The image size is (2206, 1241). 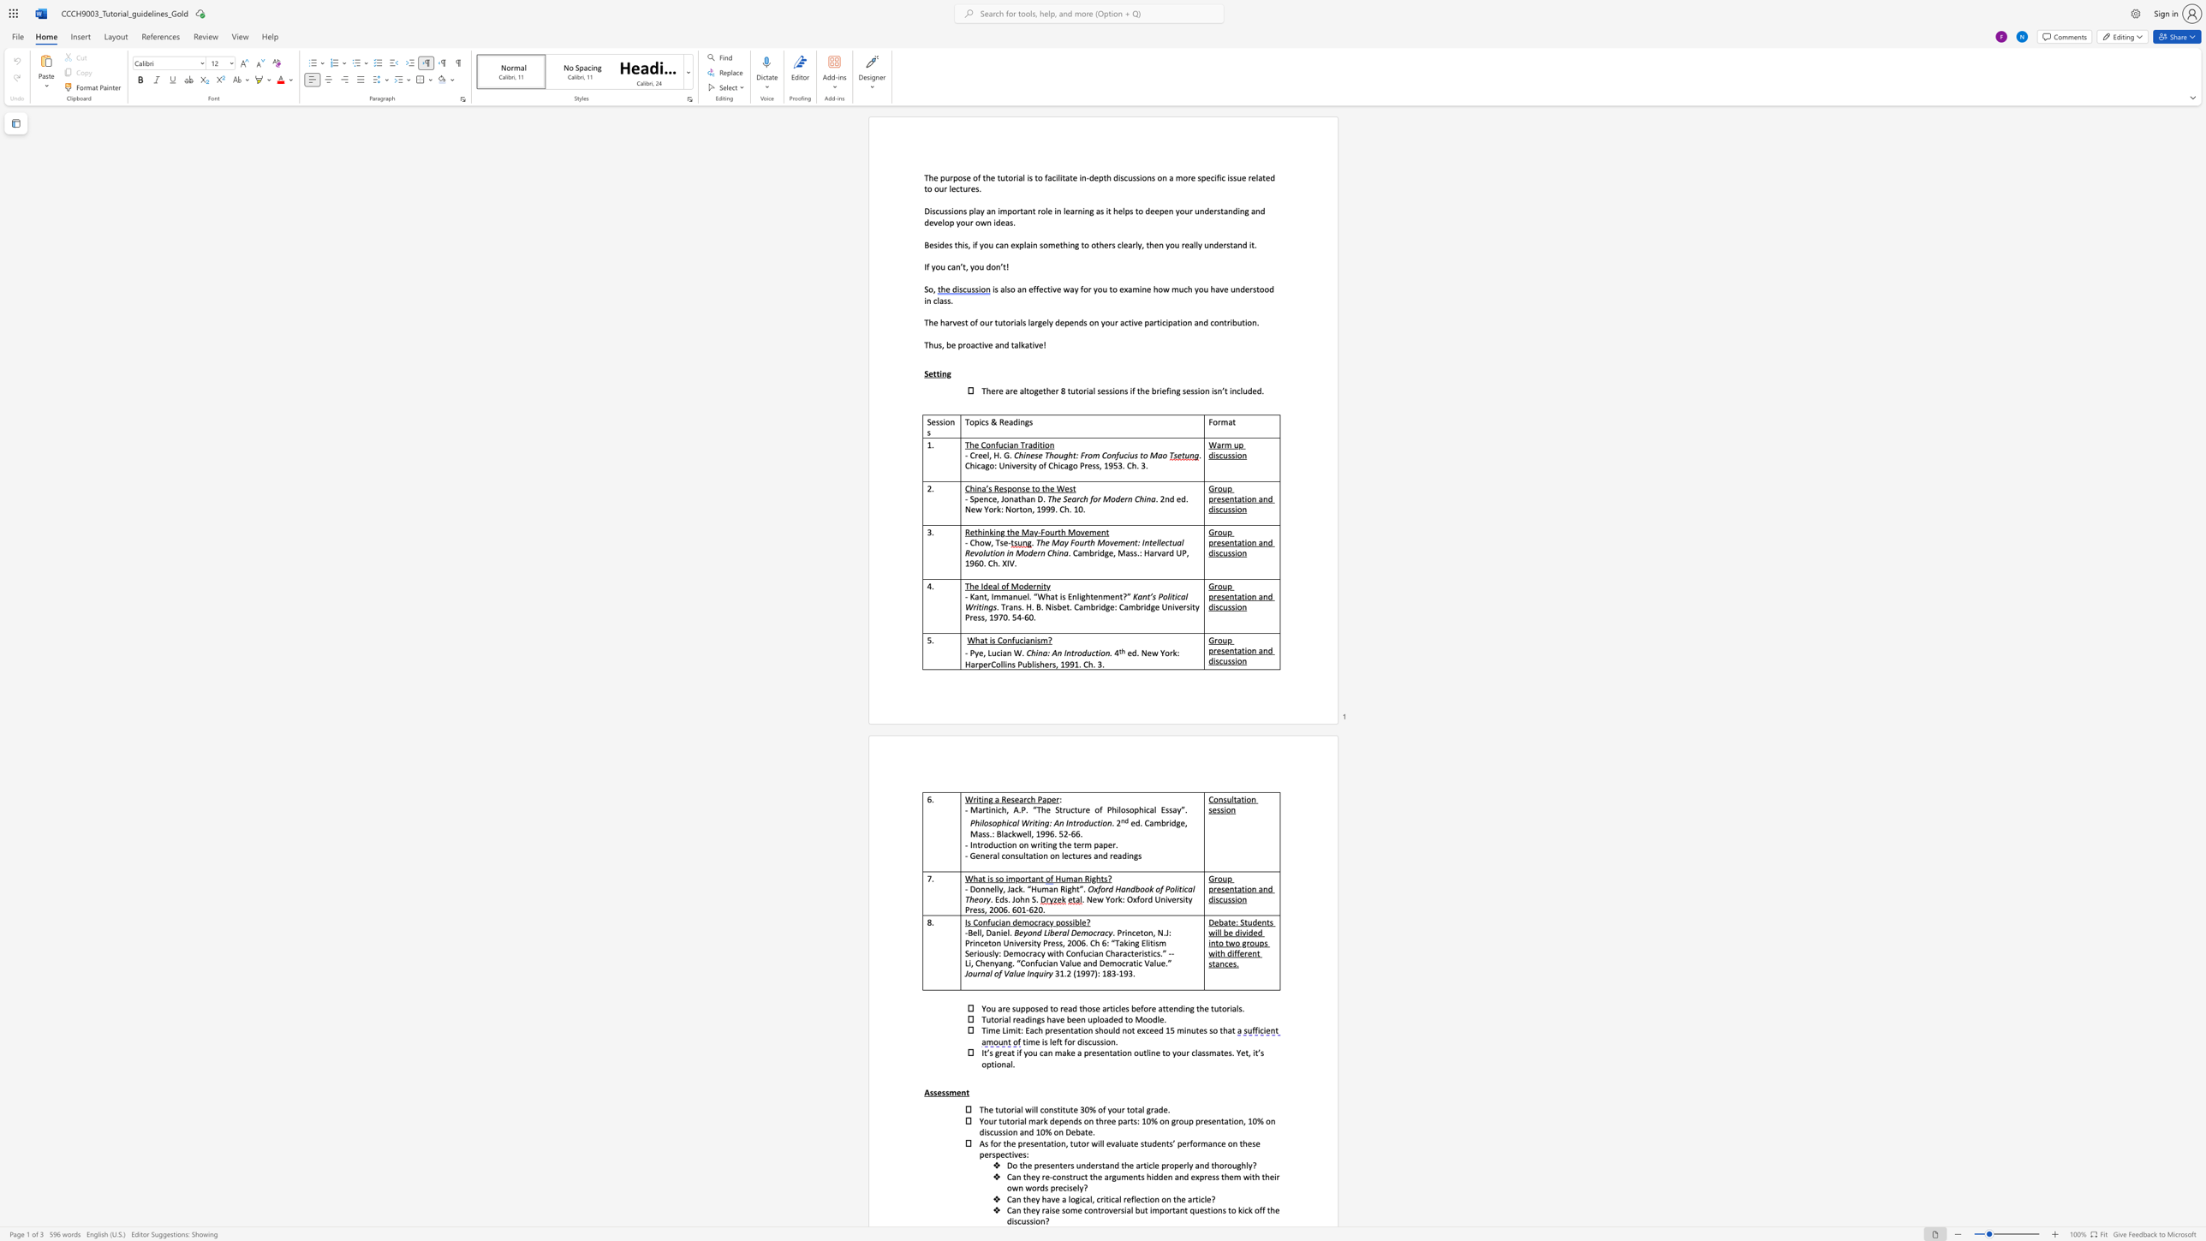 What do you see at coordinates (1142, 596) in the screenshot?
I see `the subset text "nt’s Political Wri" within the text "Kant’s Political Writings"` at bounding box center [1142, 596].